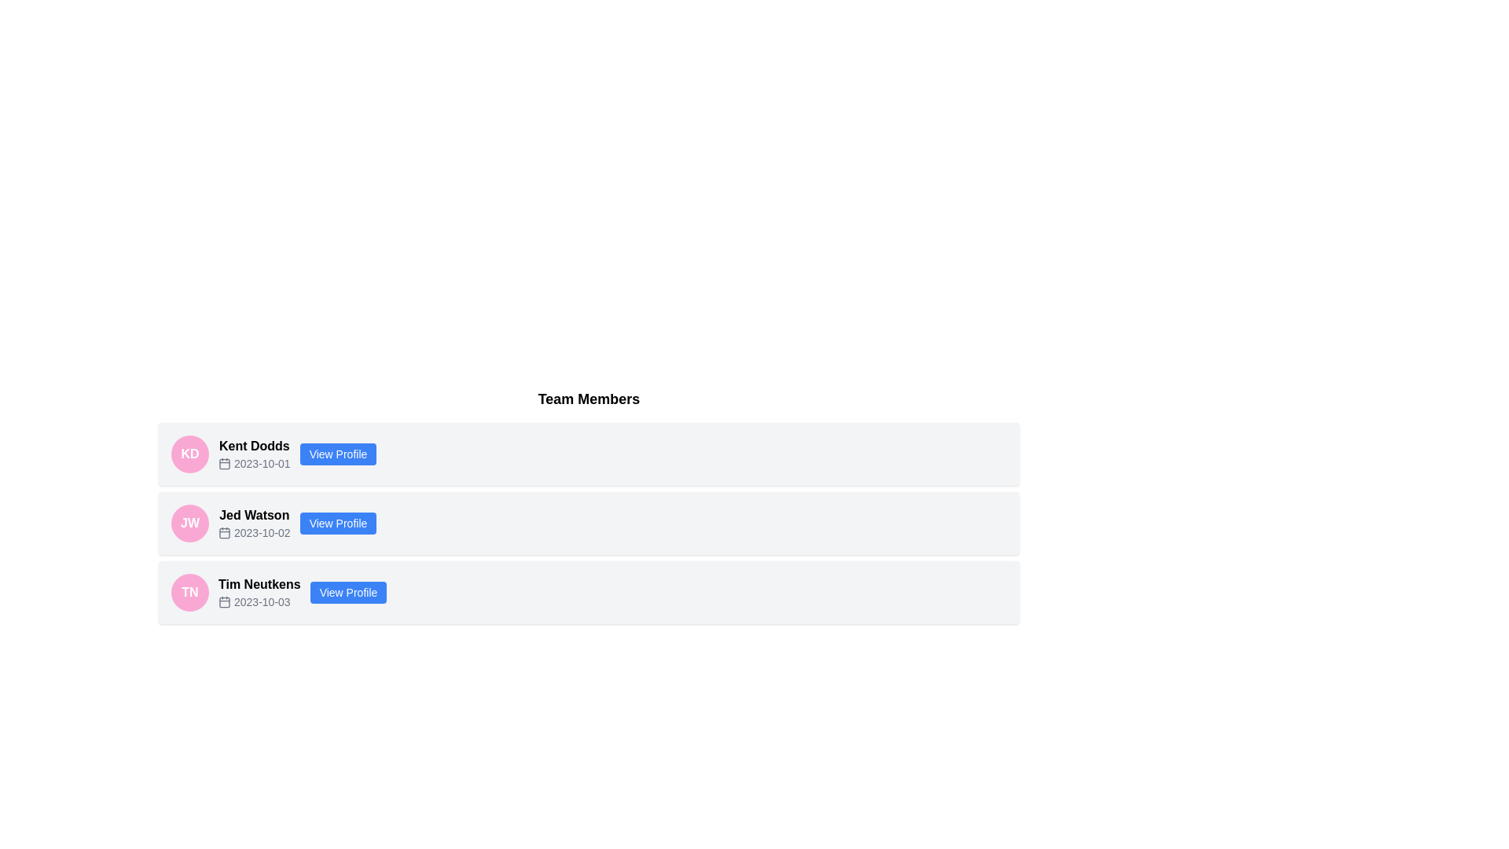  What do you see at coordinates (254, 454) in the screenshot?
I see `the Composite text element displaying 'Kent Dodds'` at bounding box center [254, 454].